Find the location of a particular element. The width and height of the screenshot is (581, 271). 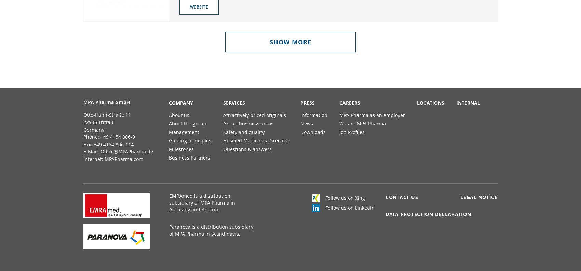

'Safety and quality' is located at coordinates (244, 132).